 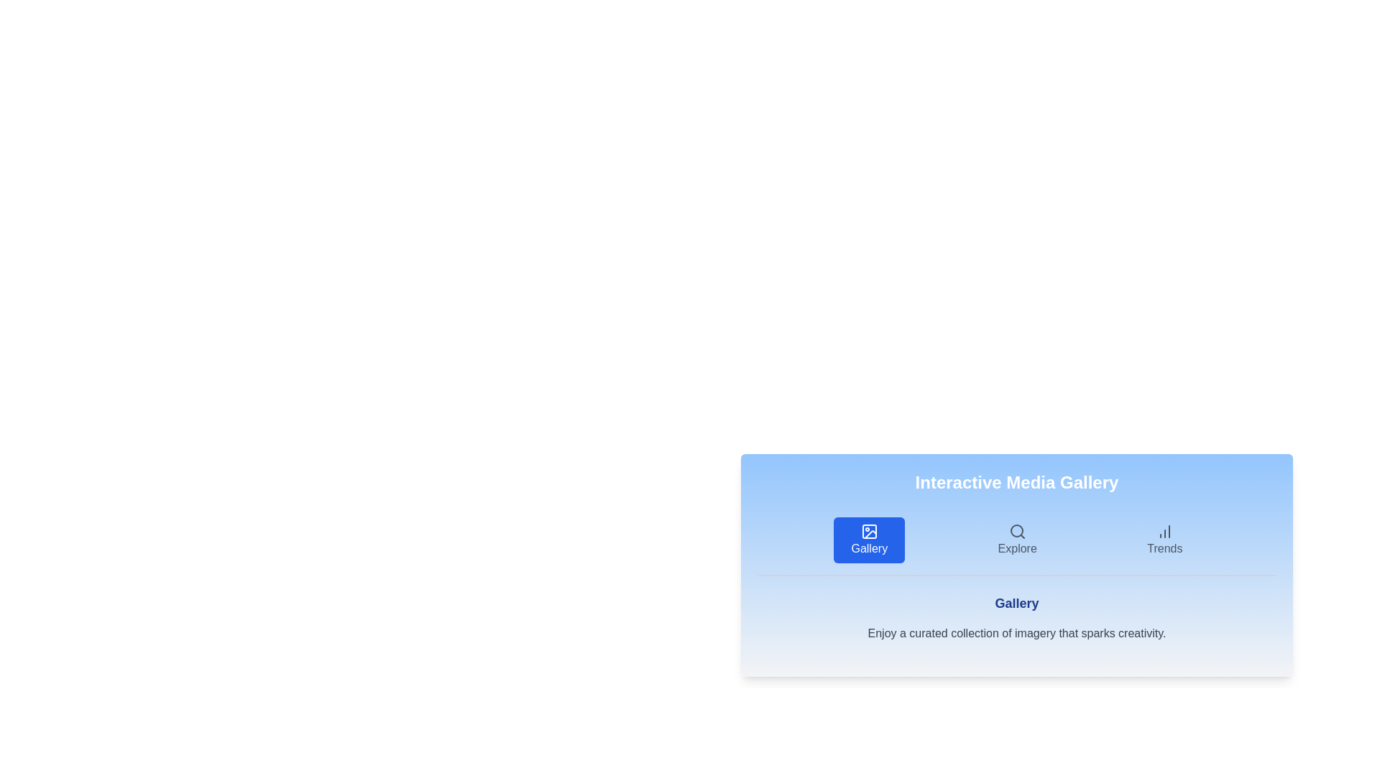 I want to click on the tab labeled Gallery to view its content, so click(x=868, y=540).